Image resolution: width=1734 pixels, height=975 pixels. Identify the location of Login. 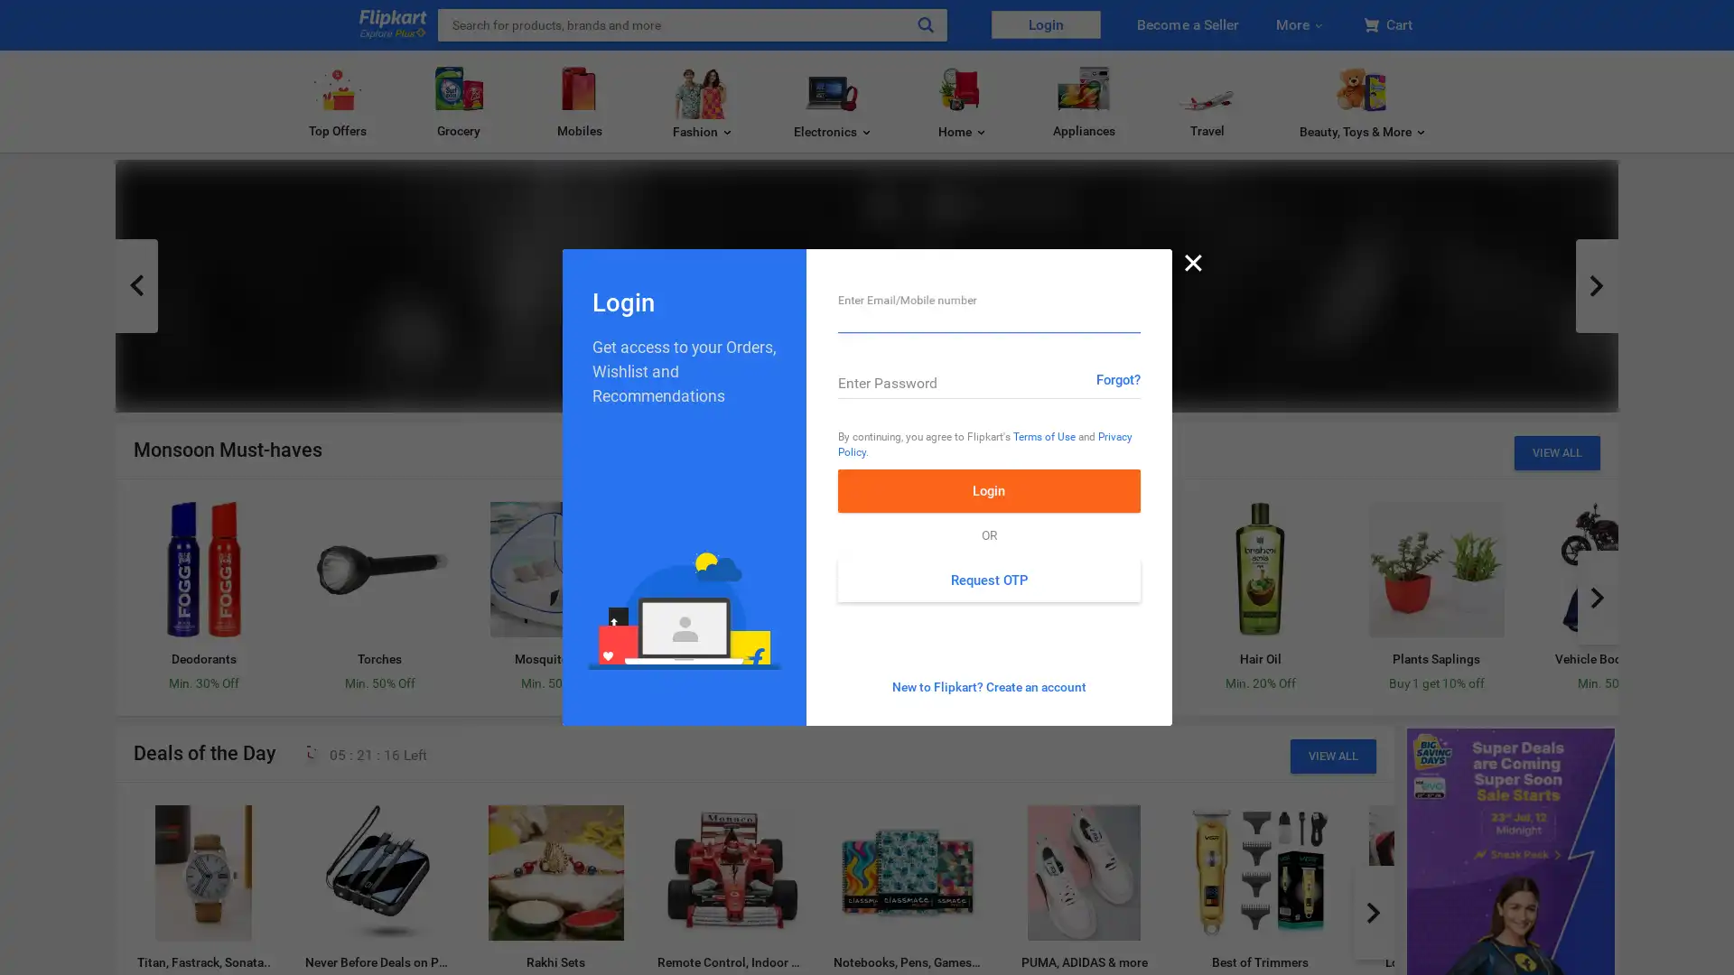
(987, 490).